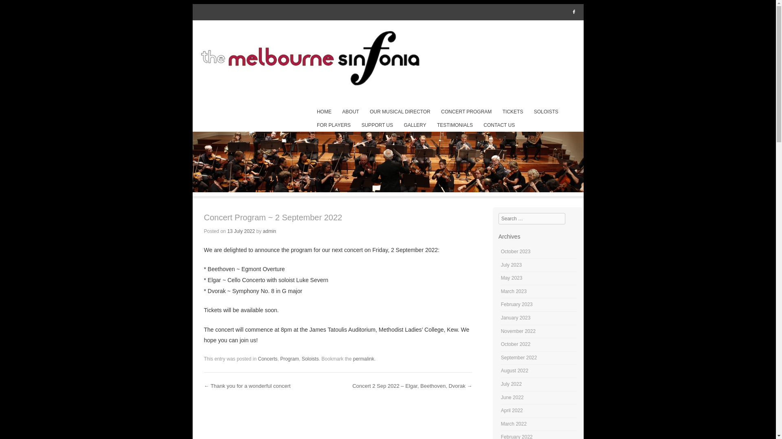 Image resolution: width=782 pixels, height=439 pixels. What do you see at coordinates (499, 125) in the screenshot?
I see `'CONTACT US'` at bounding box center [499, 125].